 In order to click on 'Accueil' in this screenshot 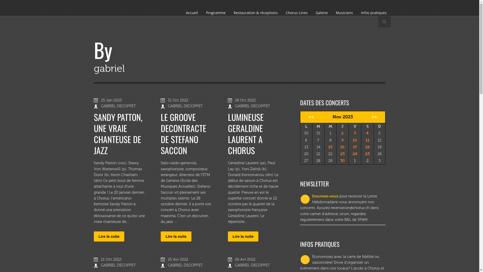, I will do `click(191, 12)`.